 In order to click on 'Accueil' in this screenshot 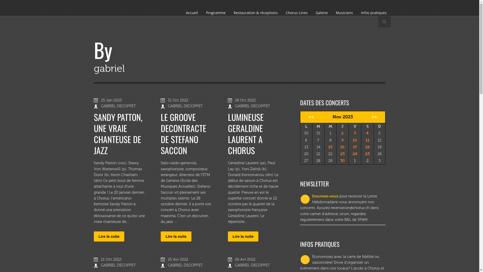, I will do `click(191, 12)`.